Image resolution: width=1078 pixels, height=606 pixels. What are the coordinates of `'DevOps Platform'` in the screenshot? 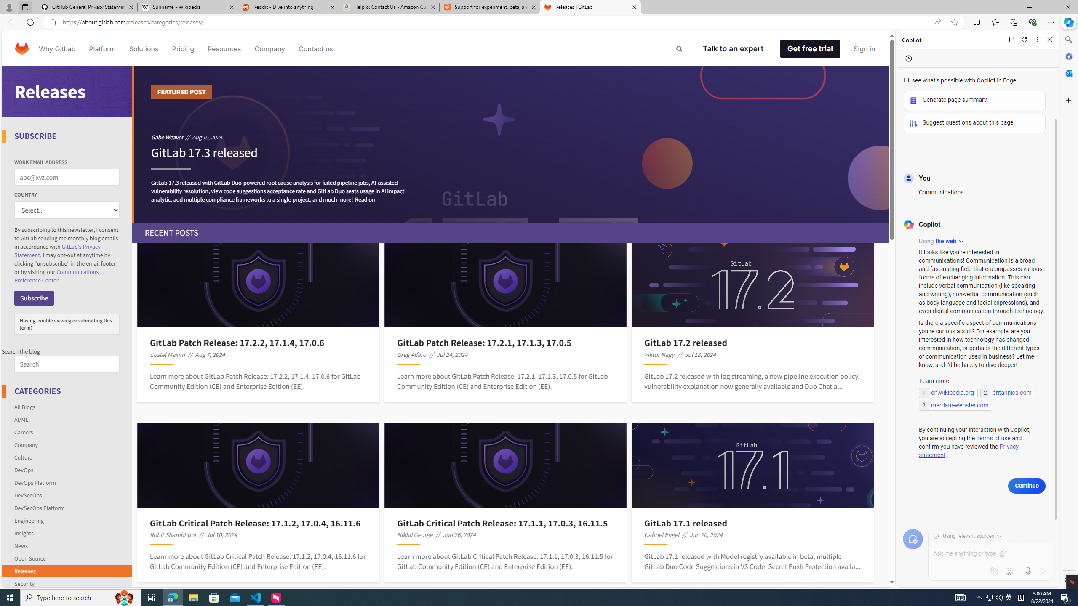 It's located at (67, 482).